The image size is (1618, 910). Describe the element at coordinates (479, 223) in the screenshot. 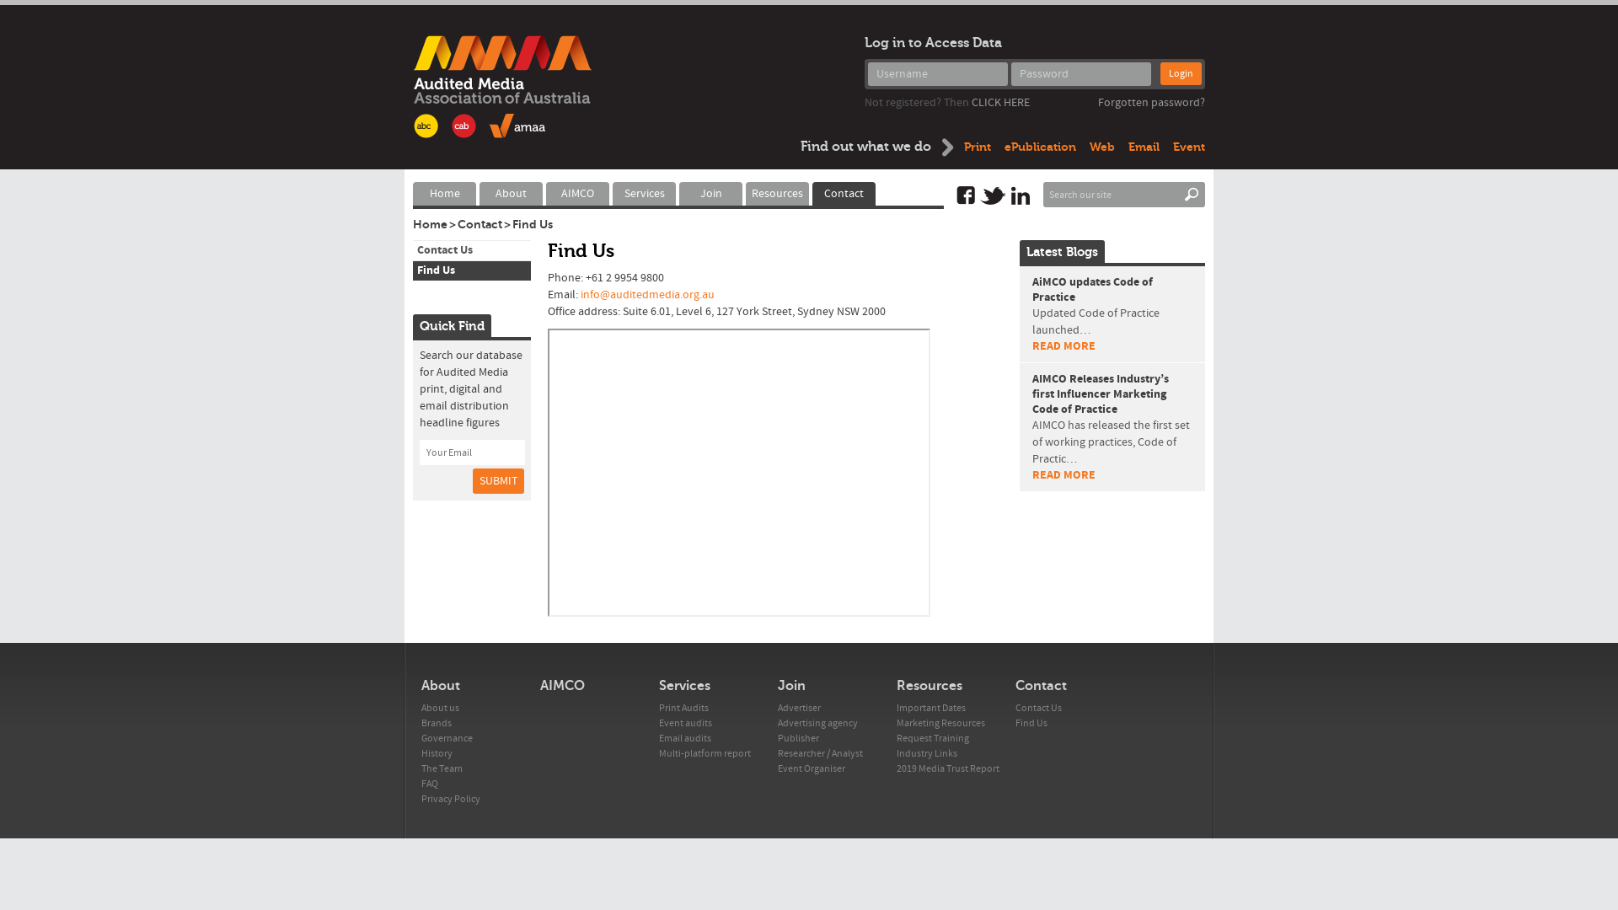

I see `'Contact'` at that location.